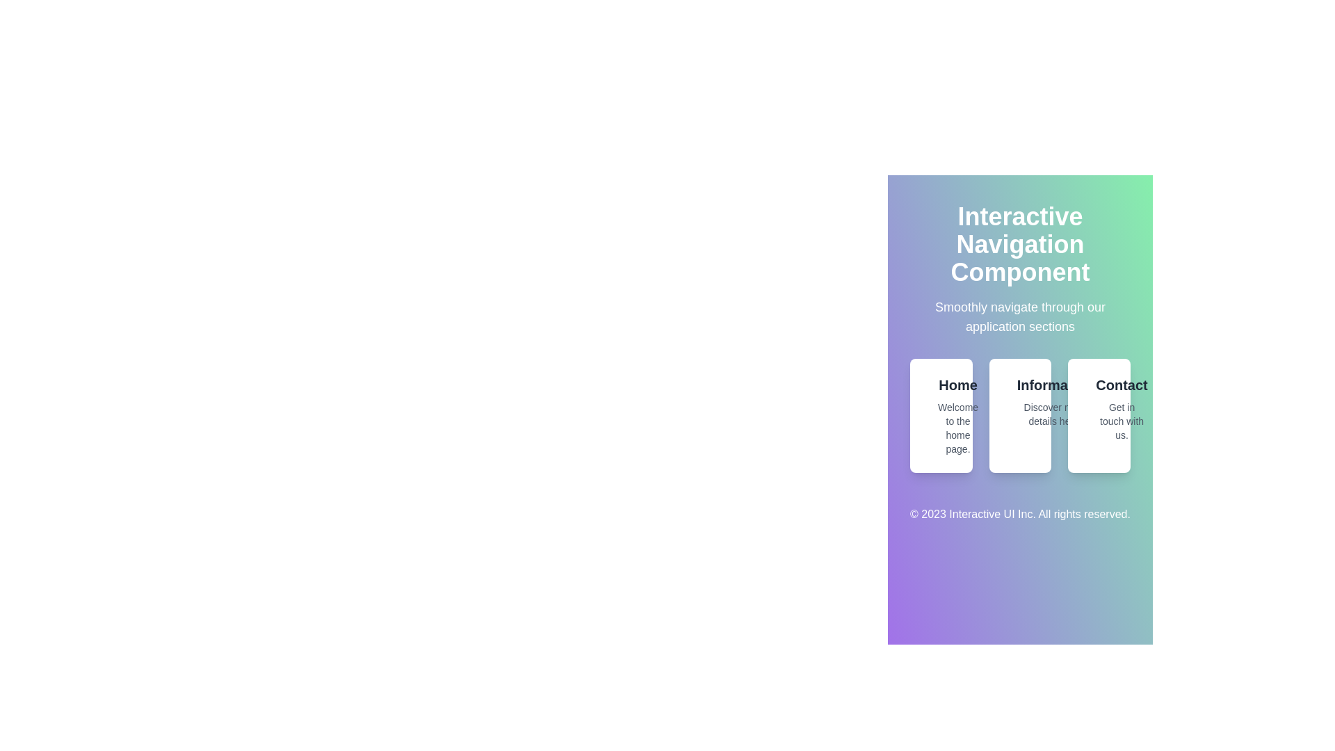 The image size is (1335, 751). Describe the element at coordinates (1122, 385) in the screenshot. I see `the Heading text for the 'Contact' section, which is positioned at the top of the 'Contact' card, to establish focus on this segment of the interface` at that location.